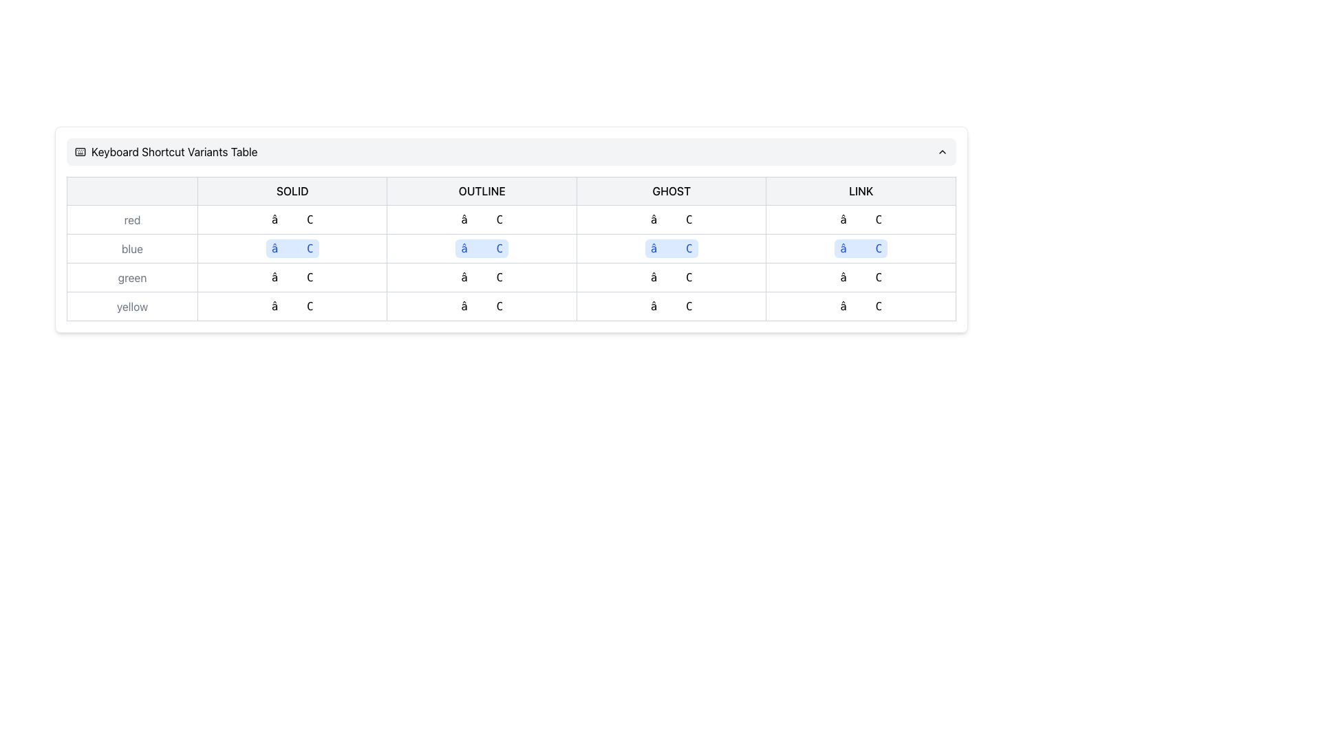 This screenshot has width=1321, height=743. I want to click on the static text element representing the '⌘ C' keyboard shortcut in the 'red' context and 'LINK' category, which is located in the last column of its row, so click(860, 219).